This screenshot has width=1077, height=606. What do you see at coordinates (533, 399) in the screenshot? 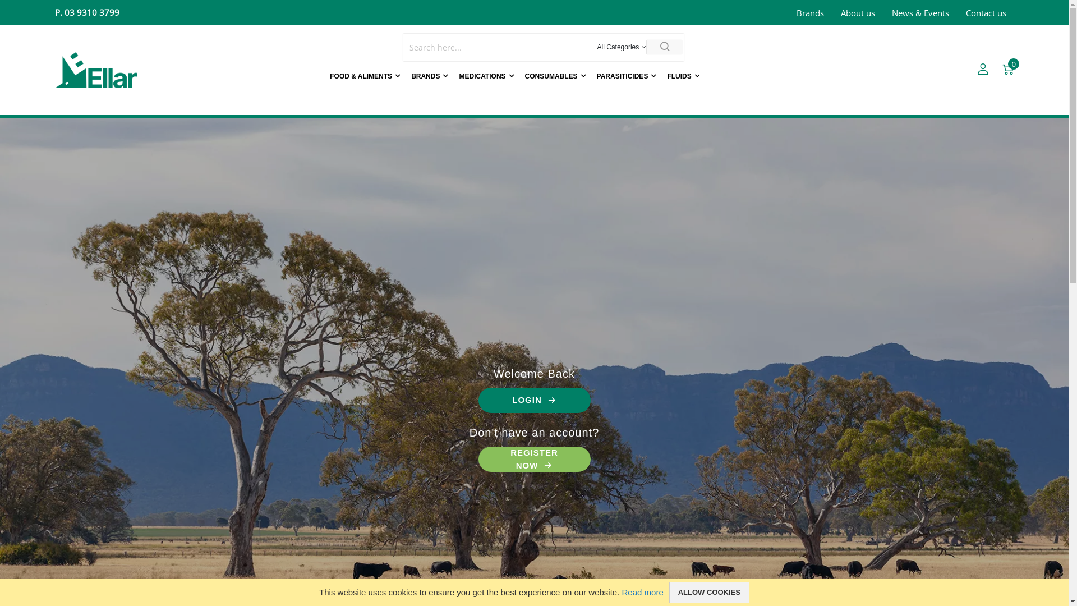
I see `'LOGIN'` at bounding box center [533, 399].